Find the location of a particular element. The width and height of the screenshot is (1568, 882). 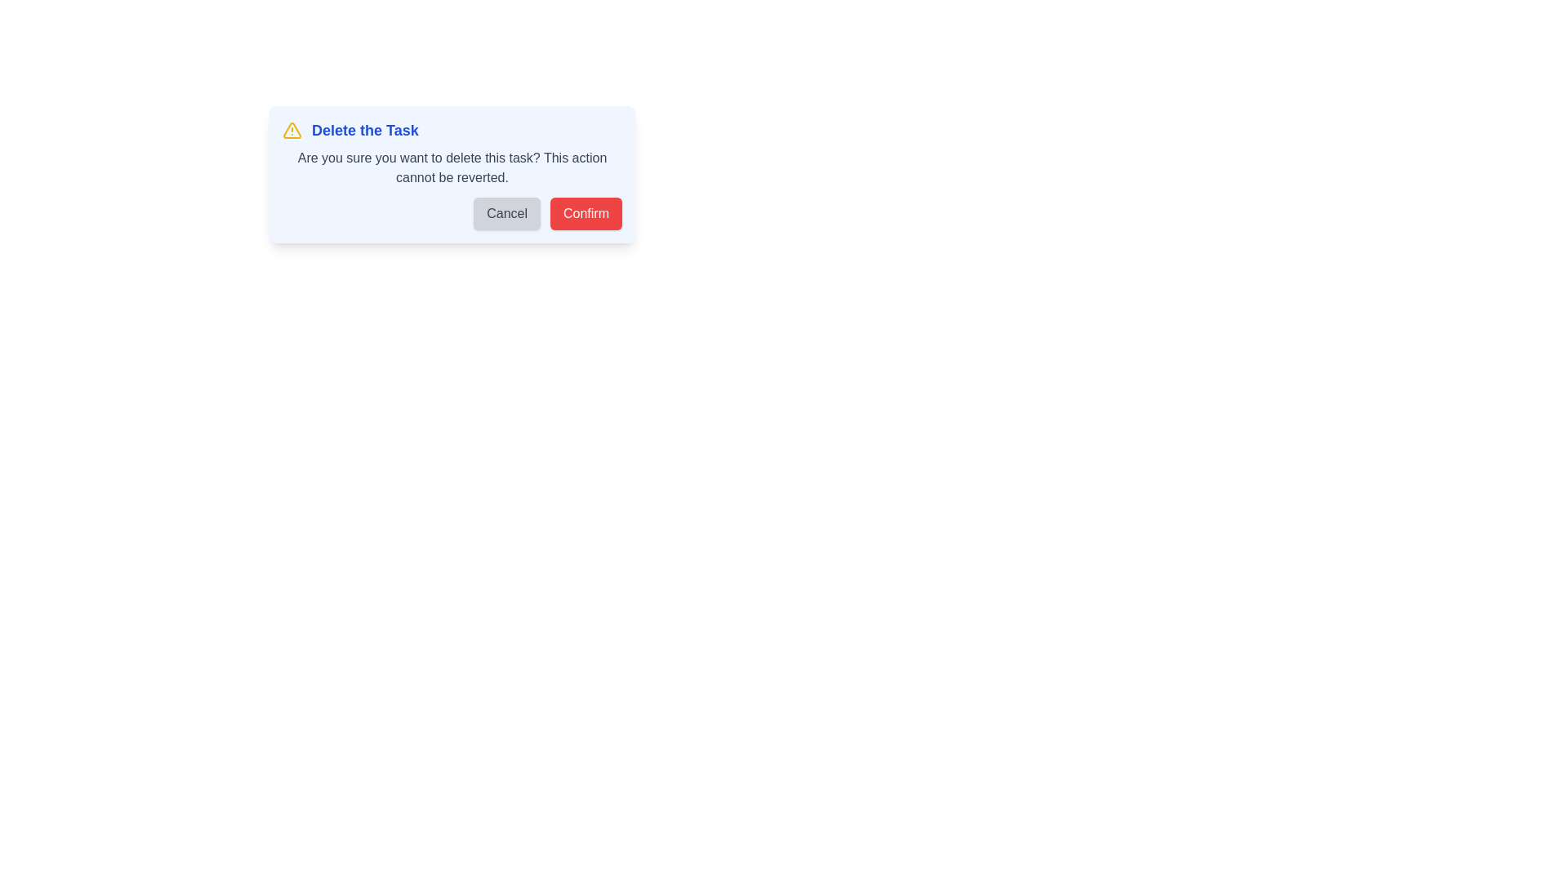

the cancel button located in the bottom-right section of the modal dialog interface is located at coordinates (506, 213).